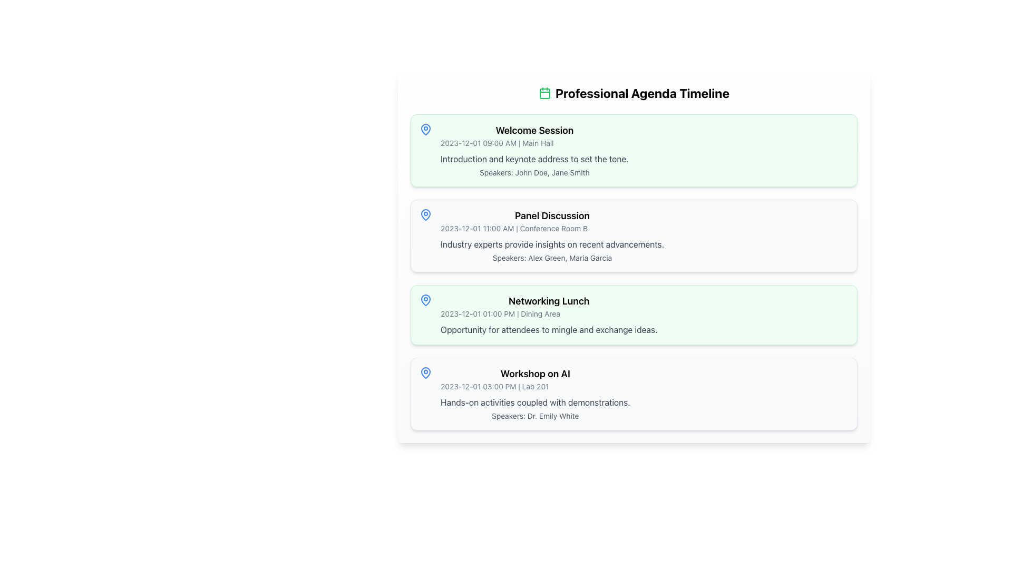 The height and width of the screenshot is (569, 1012). Describe the element at coordinates (544, 93) in the screenshot. I see `the calendar icon representing the main body of the calendar feature, located to the left of the 'Professional Agenda Timeline' heading` at that location.